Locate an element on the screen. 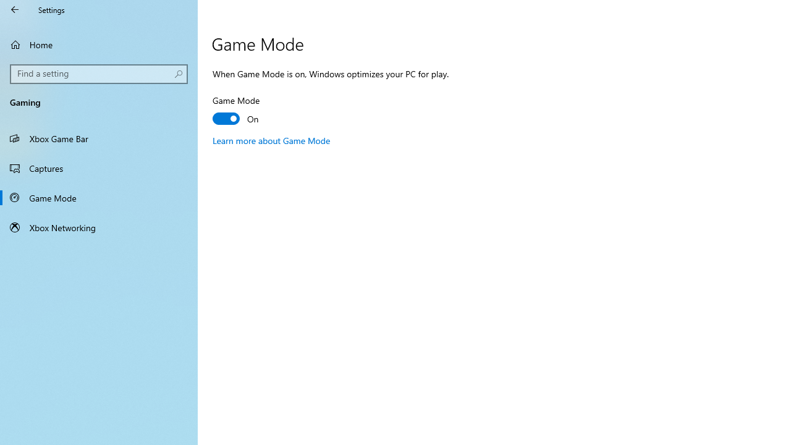 This screenshot has height=445, width=791. 'Captures' is located at coordinates (99, 167).